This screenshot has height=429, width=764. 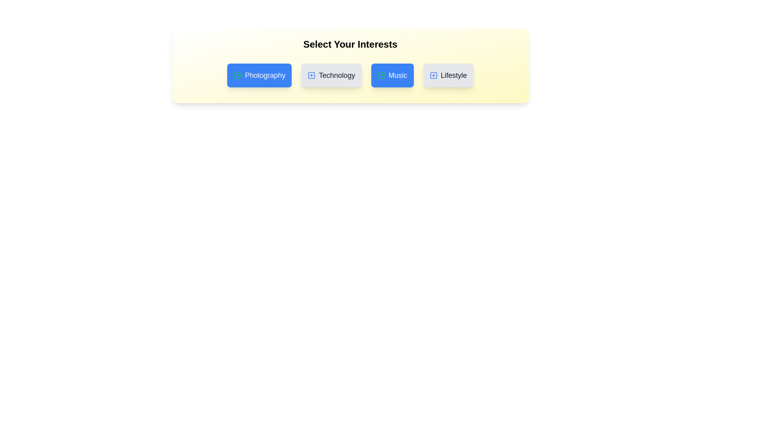 What do you see at coordinates (259, 75) in the screenshot?
I see `the tag Photography to observe the hover effect` at bounding box center [259, 75].